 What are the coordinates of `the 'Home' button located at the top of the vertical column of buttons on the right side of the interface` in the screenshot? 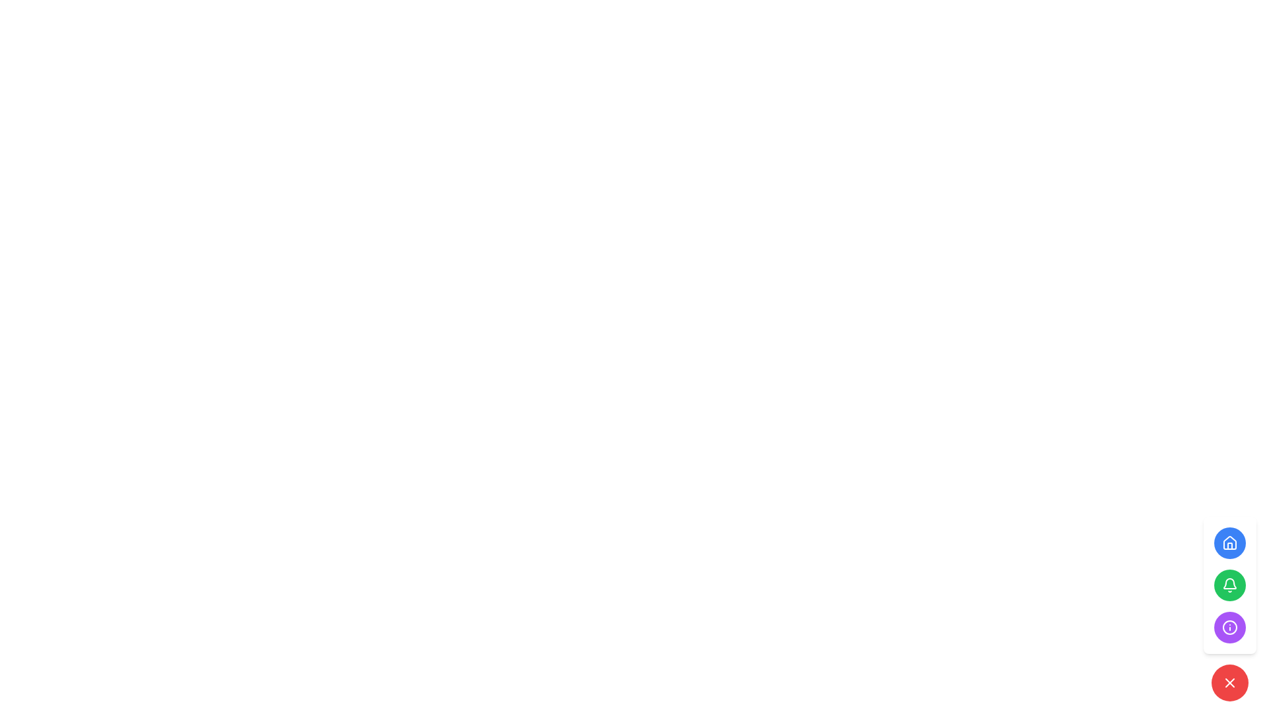 It's located at (1229, 543).